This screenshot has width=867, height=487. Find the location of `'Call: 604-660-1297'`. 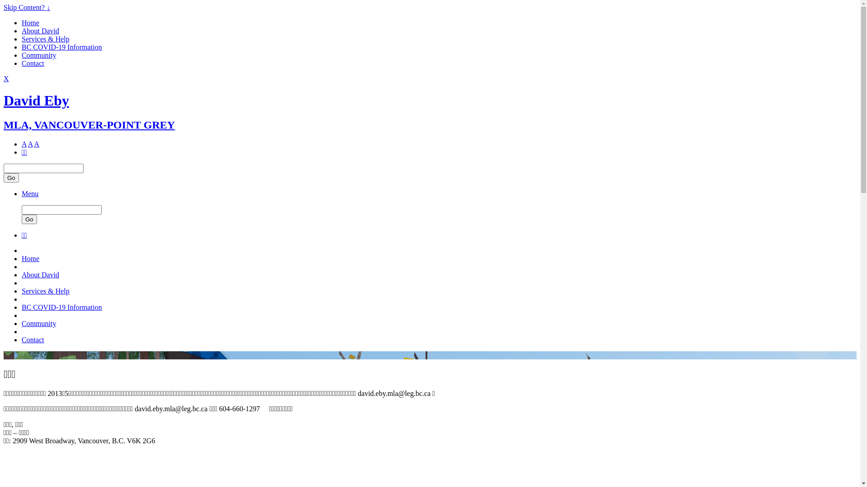

'Call: 604-660-1297' is located at coordinates (263, 409).